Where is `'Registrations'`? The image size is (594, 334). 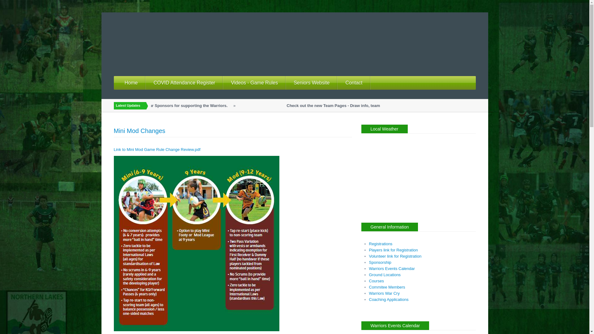 'Registrations' is located at coordinates (380, 243).